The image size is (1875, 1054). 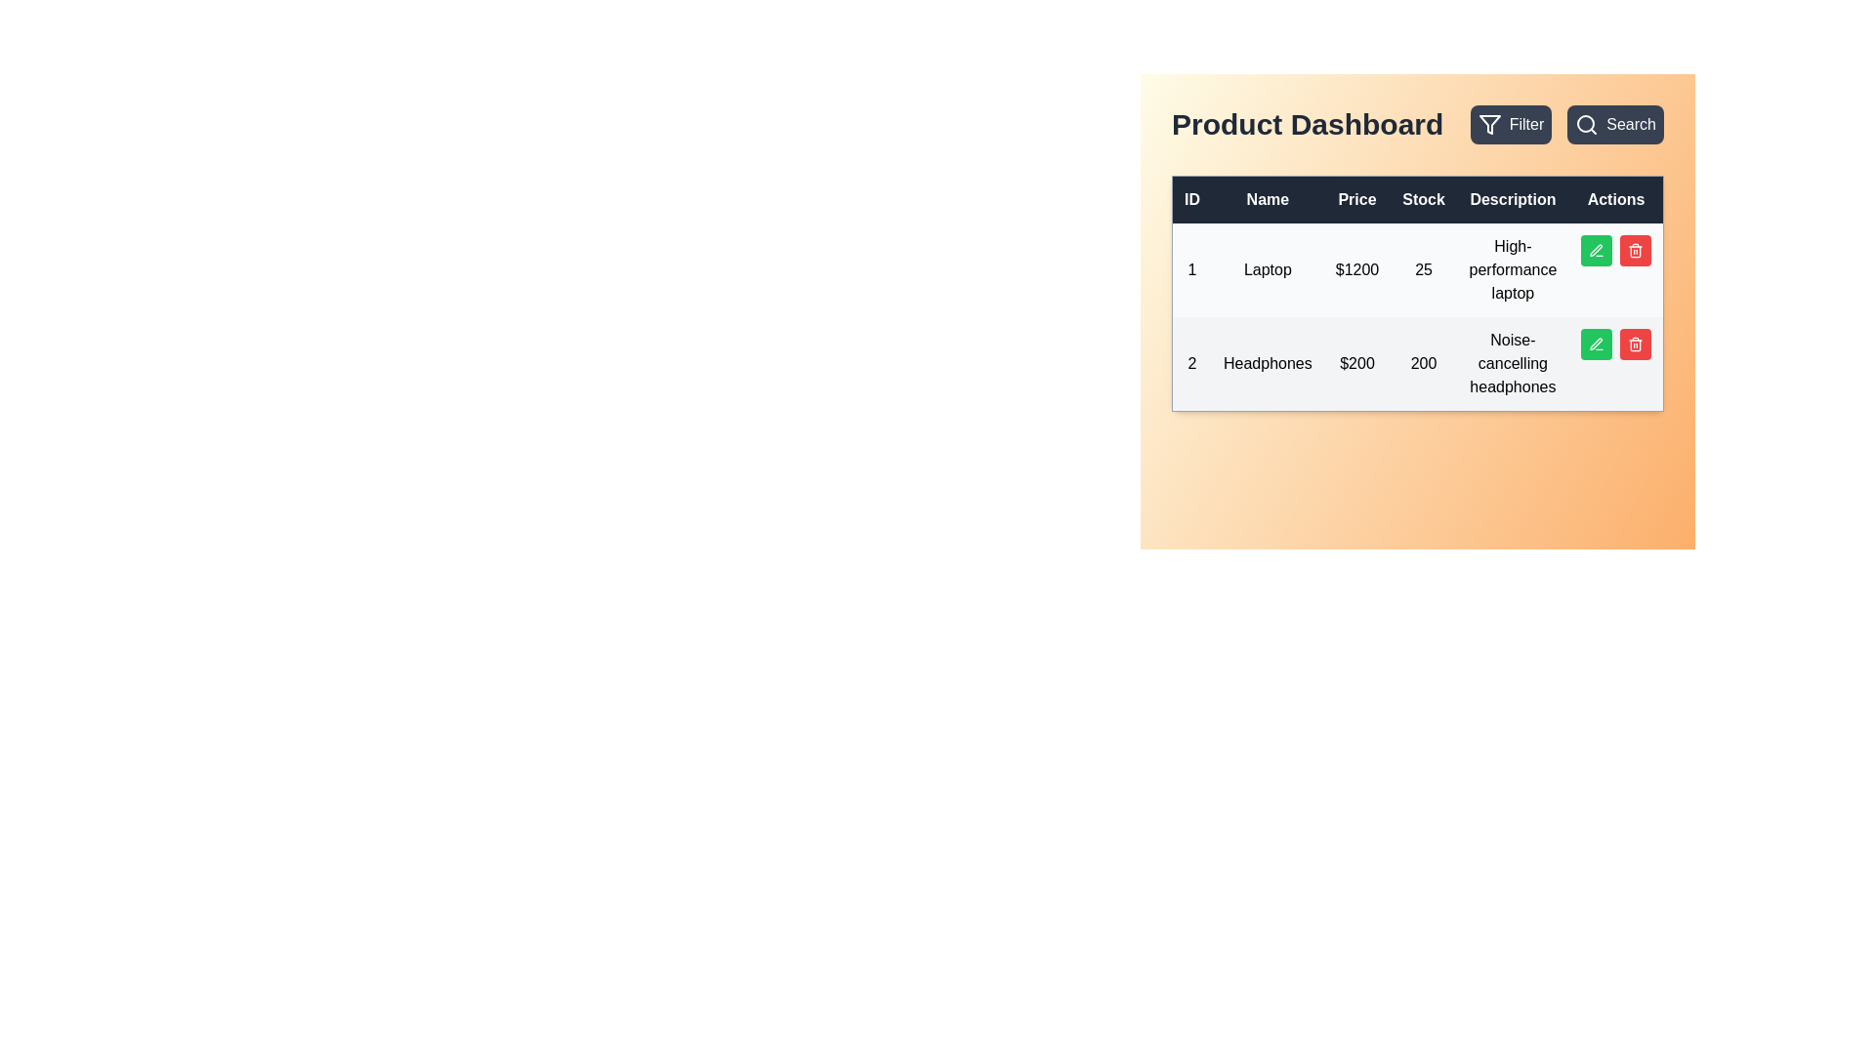 What do you see at coordinates (1586, 124) in the screenshot?
I see `the circular part of the search icon, which is located at the top right corner of the interface near the 'Search' label` at bounding box center [1586, 124].